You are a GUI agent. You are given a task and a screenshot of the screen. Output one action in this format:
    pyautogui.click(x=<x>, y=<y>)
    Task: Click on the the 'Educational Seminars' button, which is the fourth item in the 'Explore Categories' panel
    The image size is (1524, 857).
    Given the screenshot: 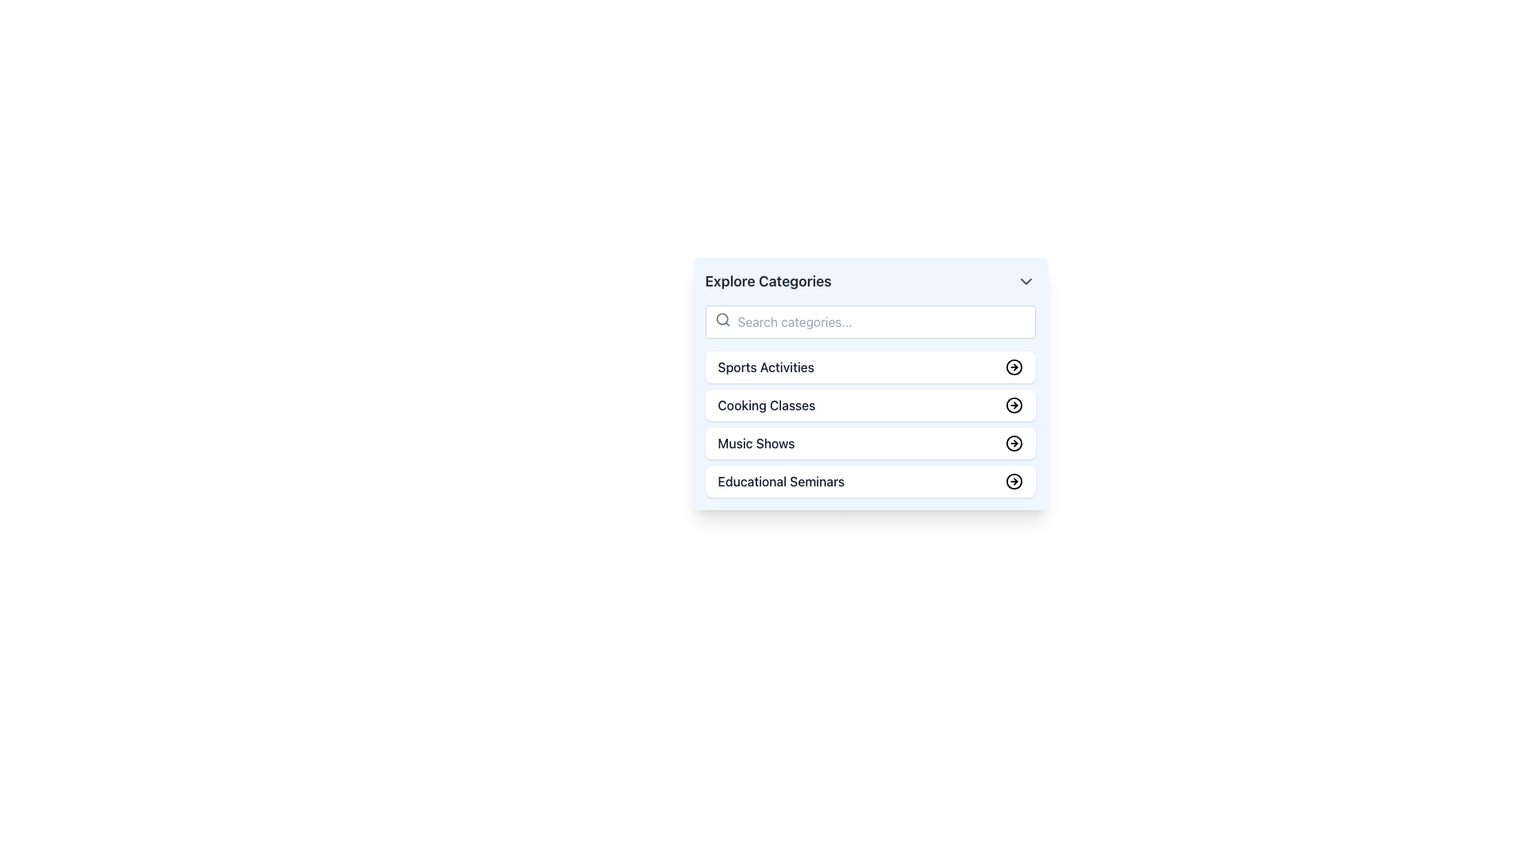 What is the action you would take?
    pyautogui.click(x=869, y=480)
    